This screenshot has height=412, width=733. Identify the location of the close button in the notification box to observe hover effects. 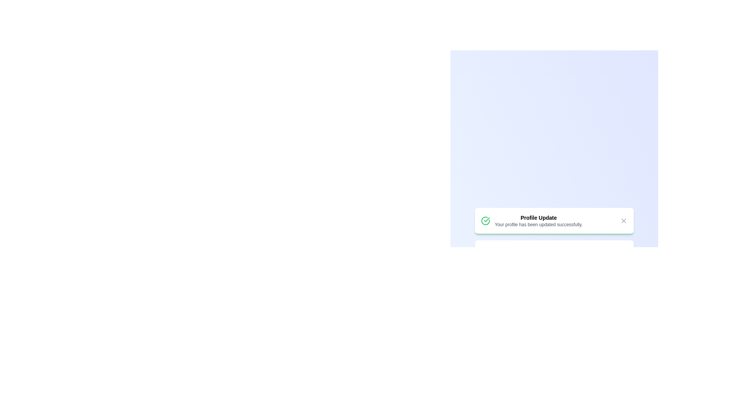
(623, 220).